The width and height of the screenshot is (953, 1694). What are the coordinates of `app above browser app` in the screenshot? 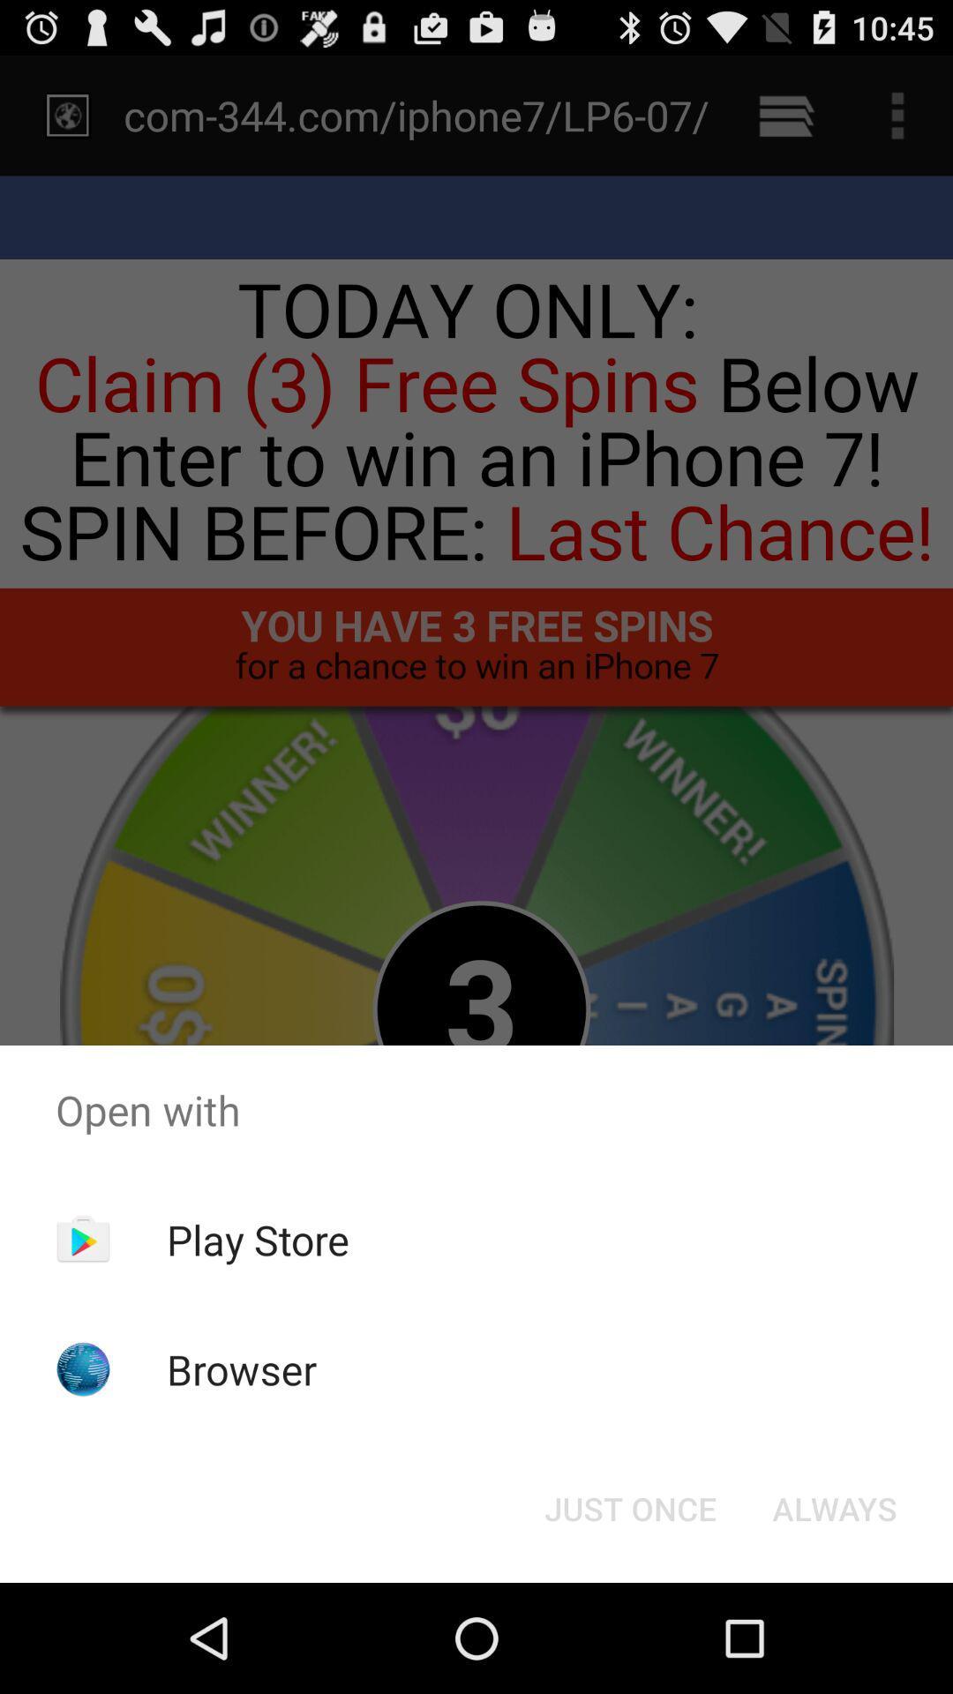 It's located at (258, 1239).